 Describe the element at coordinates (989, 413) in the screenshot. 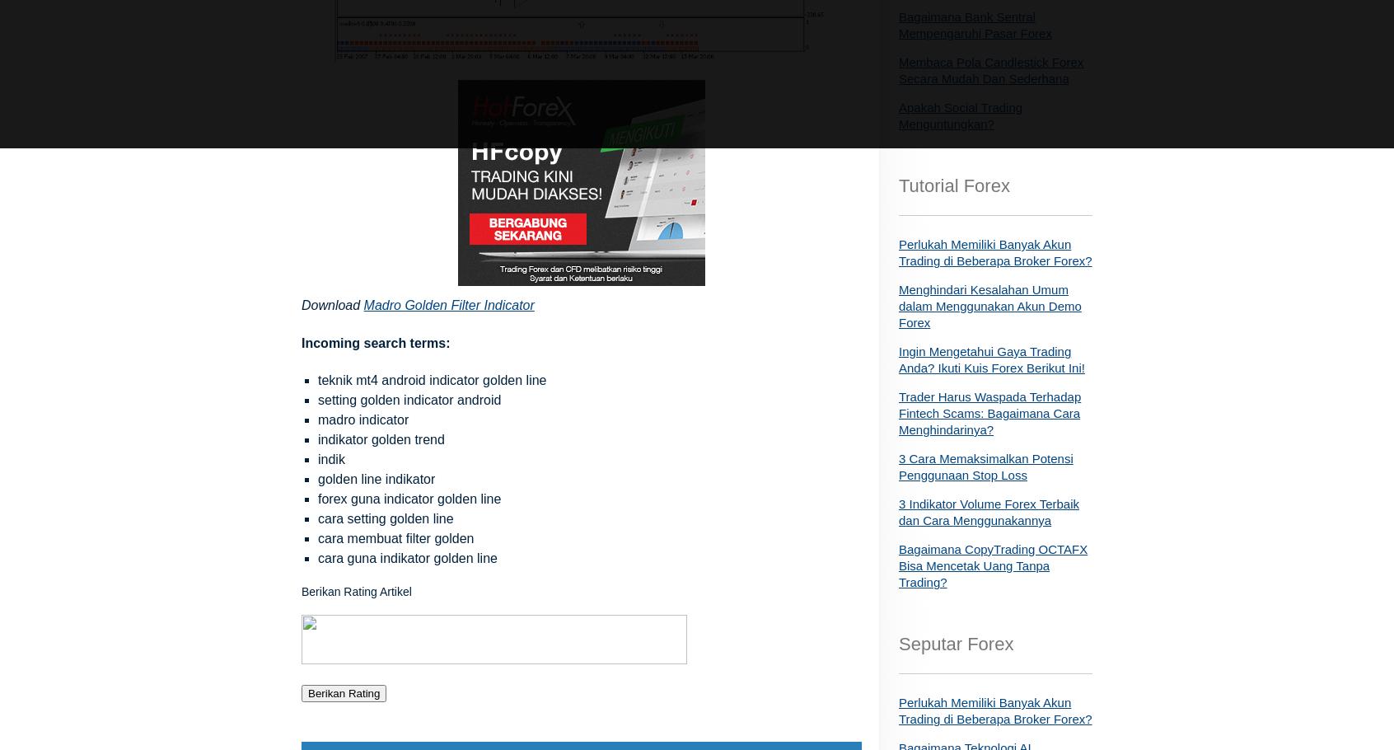

I see `'Trader Harus Waspada Terhadap Fintech Scams: Bagaimana Cara Menghindarinya?'` at that location.